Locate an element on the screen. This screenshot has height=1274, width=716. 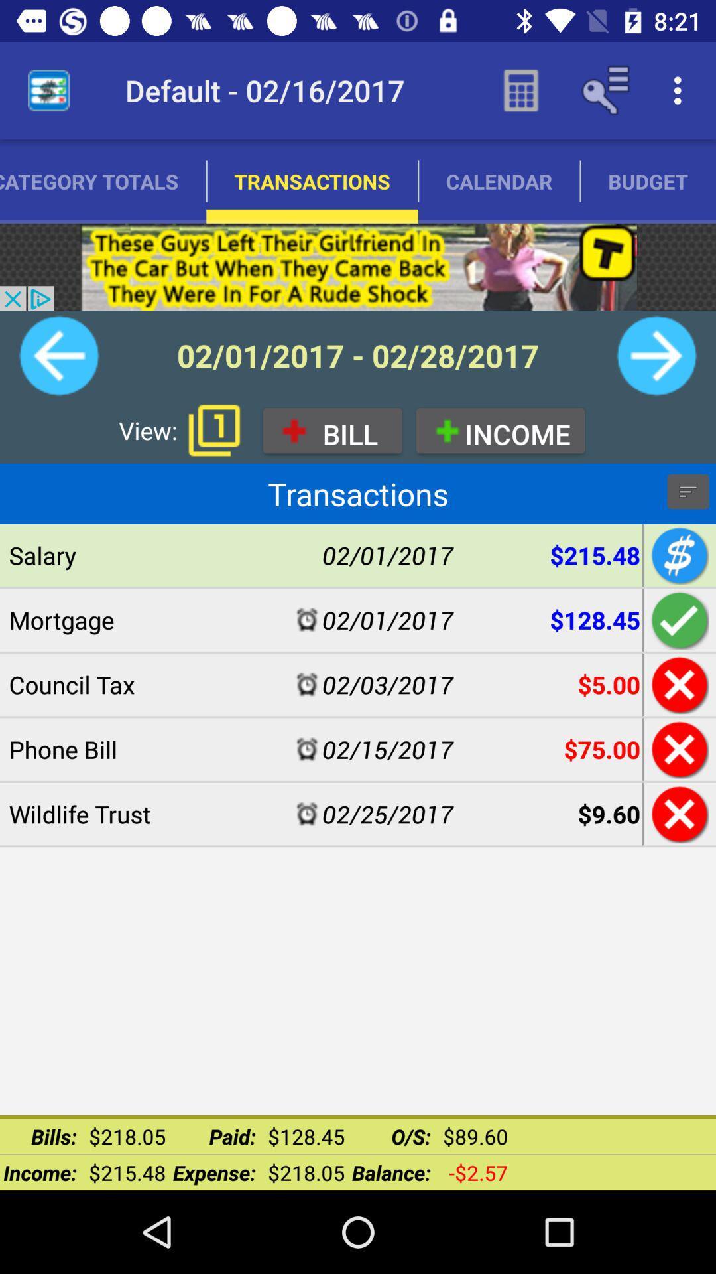
go back is located at coordinates (678, 814).